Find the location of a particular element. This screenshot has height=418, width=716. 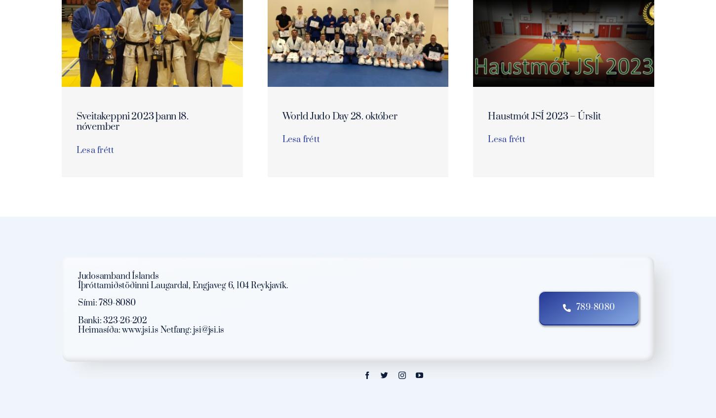

'Íþróttamiðstöðinni Laugardal, Engjaveg 6, 104 Reykjavík.' is located at coordinates (77, 286).